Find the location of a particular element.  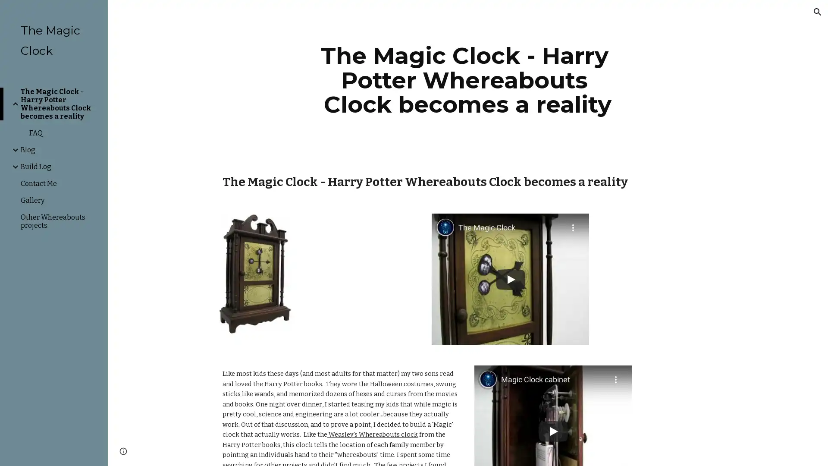

Copy heading link is located at coordinates (637, 181).